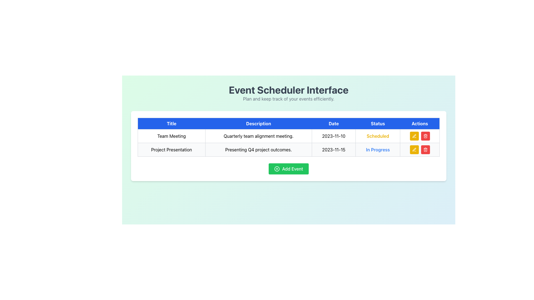 The width and height of the screenshot is (534, 300). I want to click on the second row, so click(288, 149).